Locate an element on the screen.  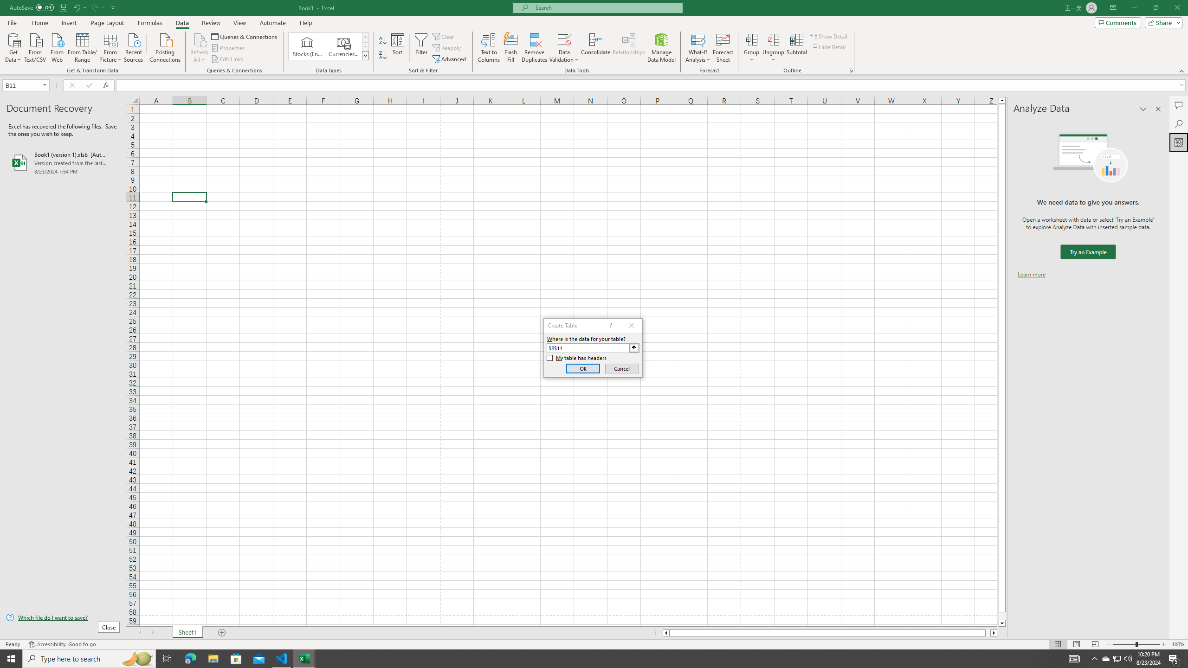
'AutomationID: ConvertToLinkedEntity' is located at coordinates (329, 46).